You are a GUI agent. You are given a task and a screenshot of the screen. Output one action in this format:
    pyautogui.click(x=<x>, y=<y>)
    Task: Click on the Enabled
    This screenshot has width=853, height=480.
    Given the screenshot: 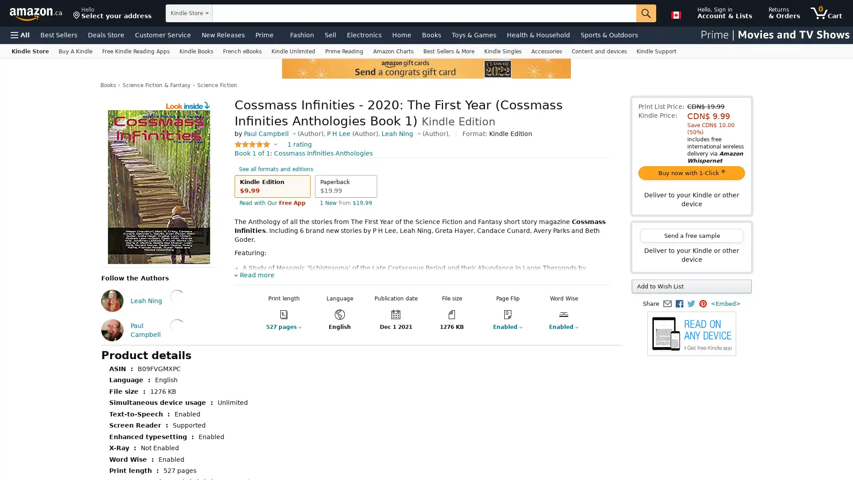 What is the action you would take?
    pyautogui.click(x=558, y=336)
    